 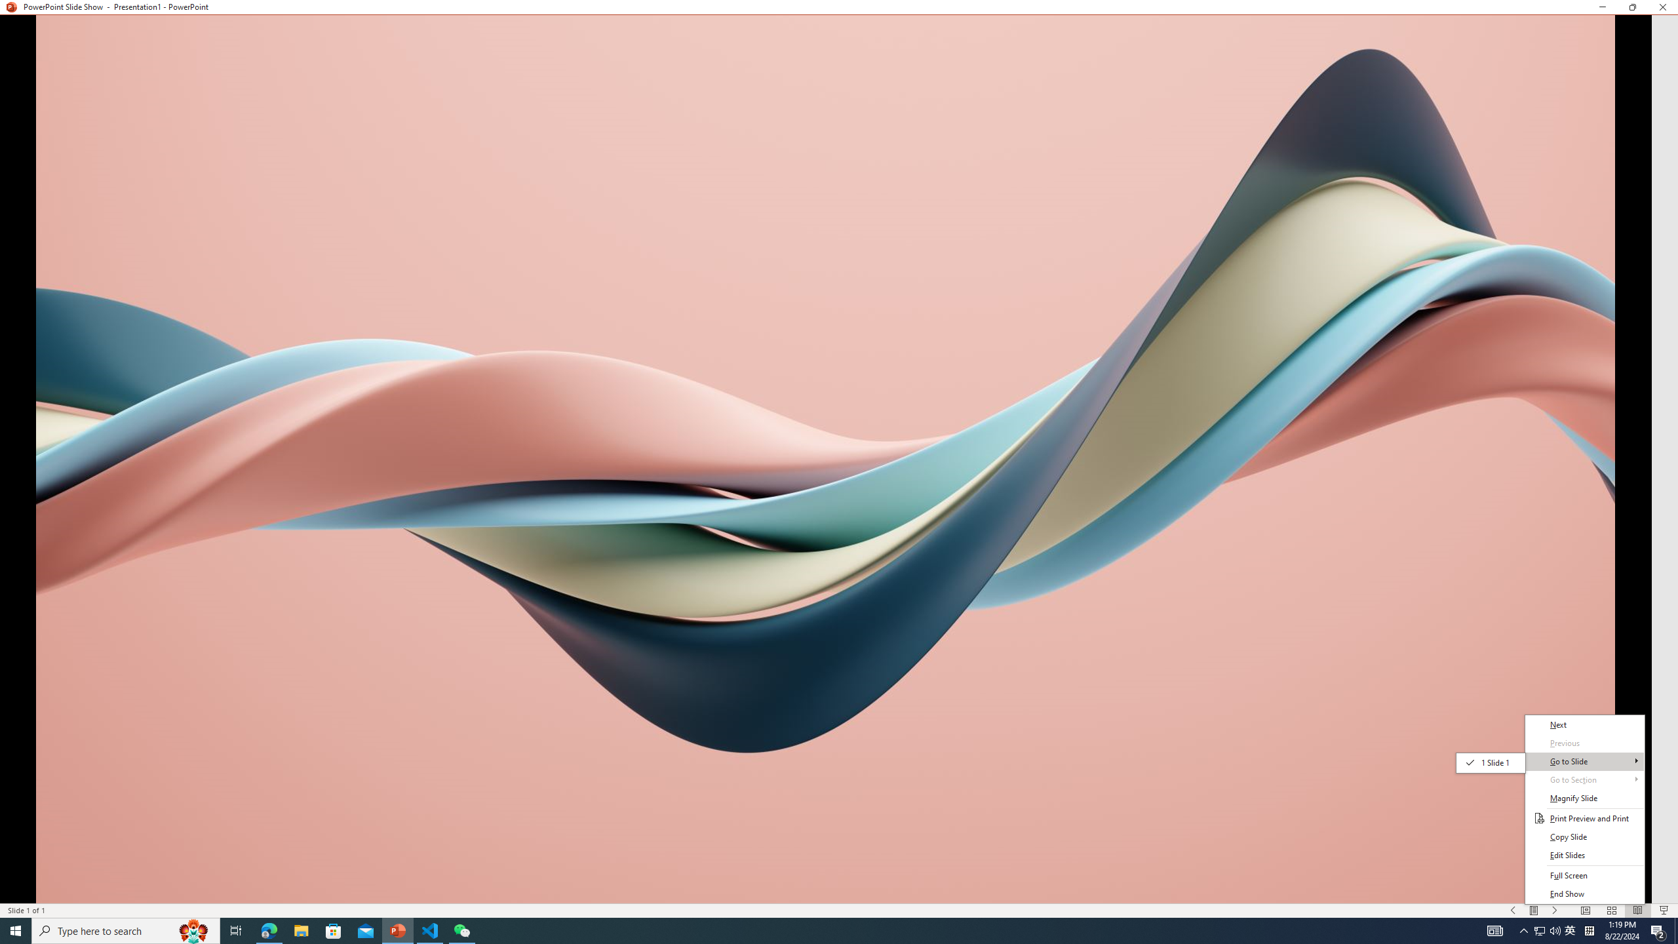 What do you see at coordinates (1589, 930) in the screenshot?
I see `'Tray Input Indicator - Chinese (Simplified, China)'` at bounding box center [1589, 930].